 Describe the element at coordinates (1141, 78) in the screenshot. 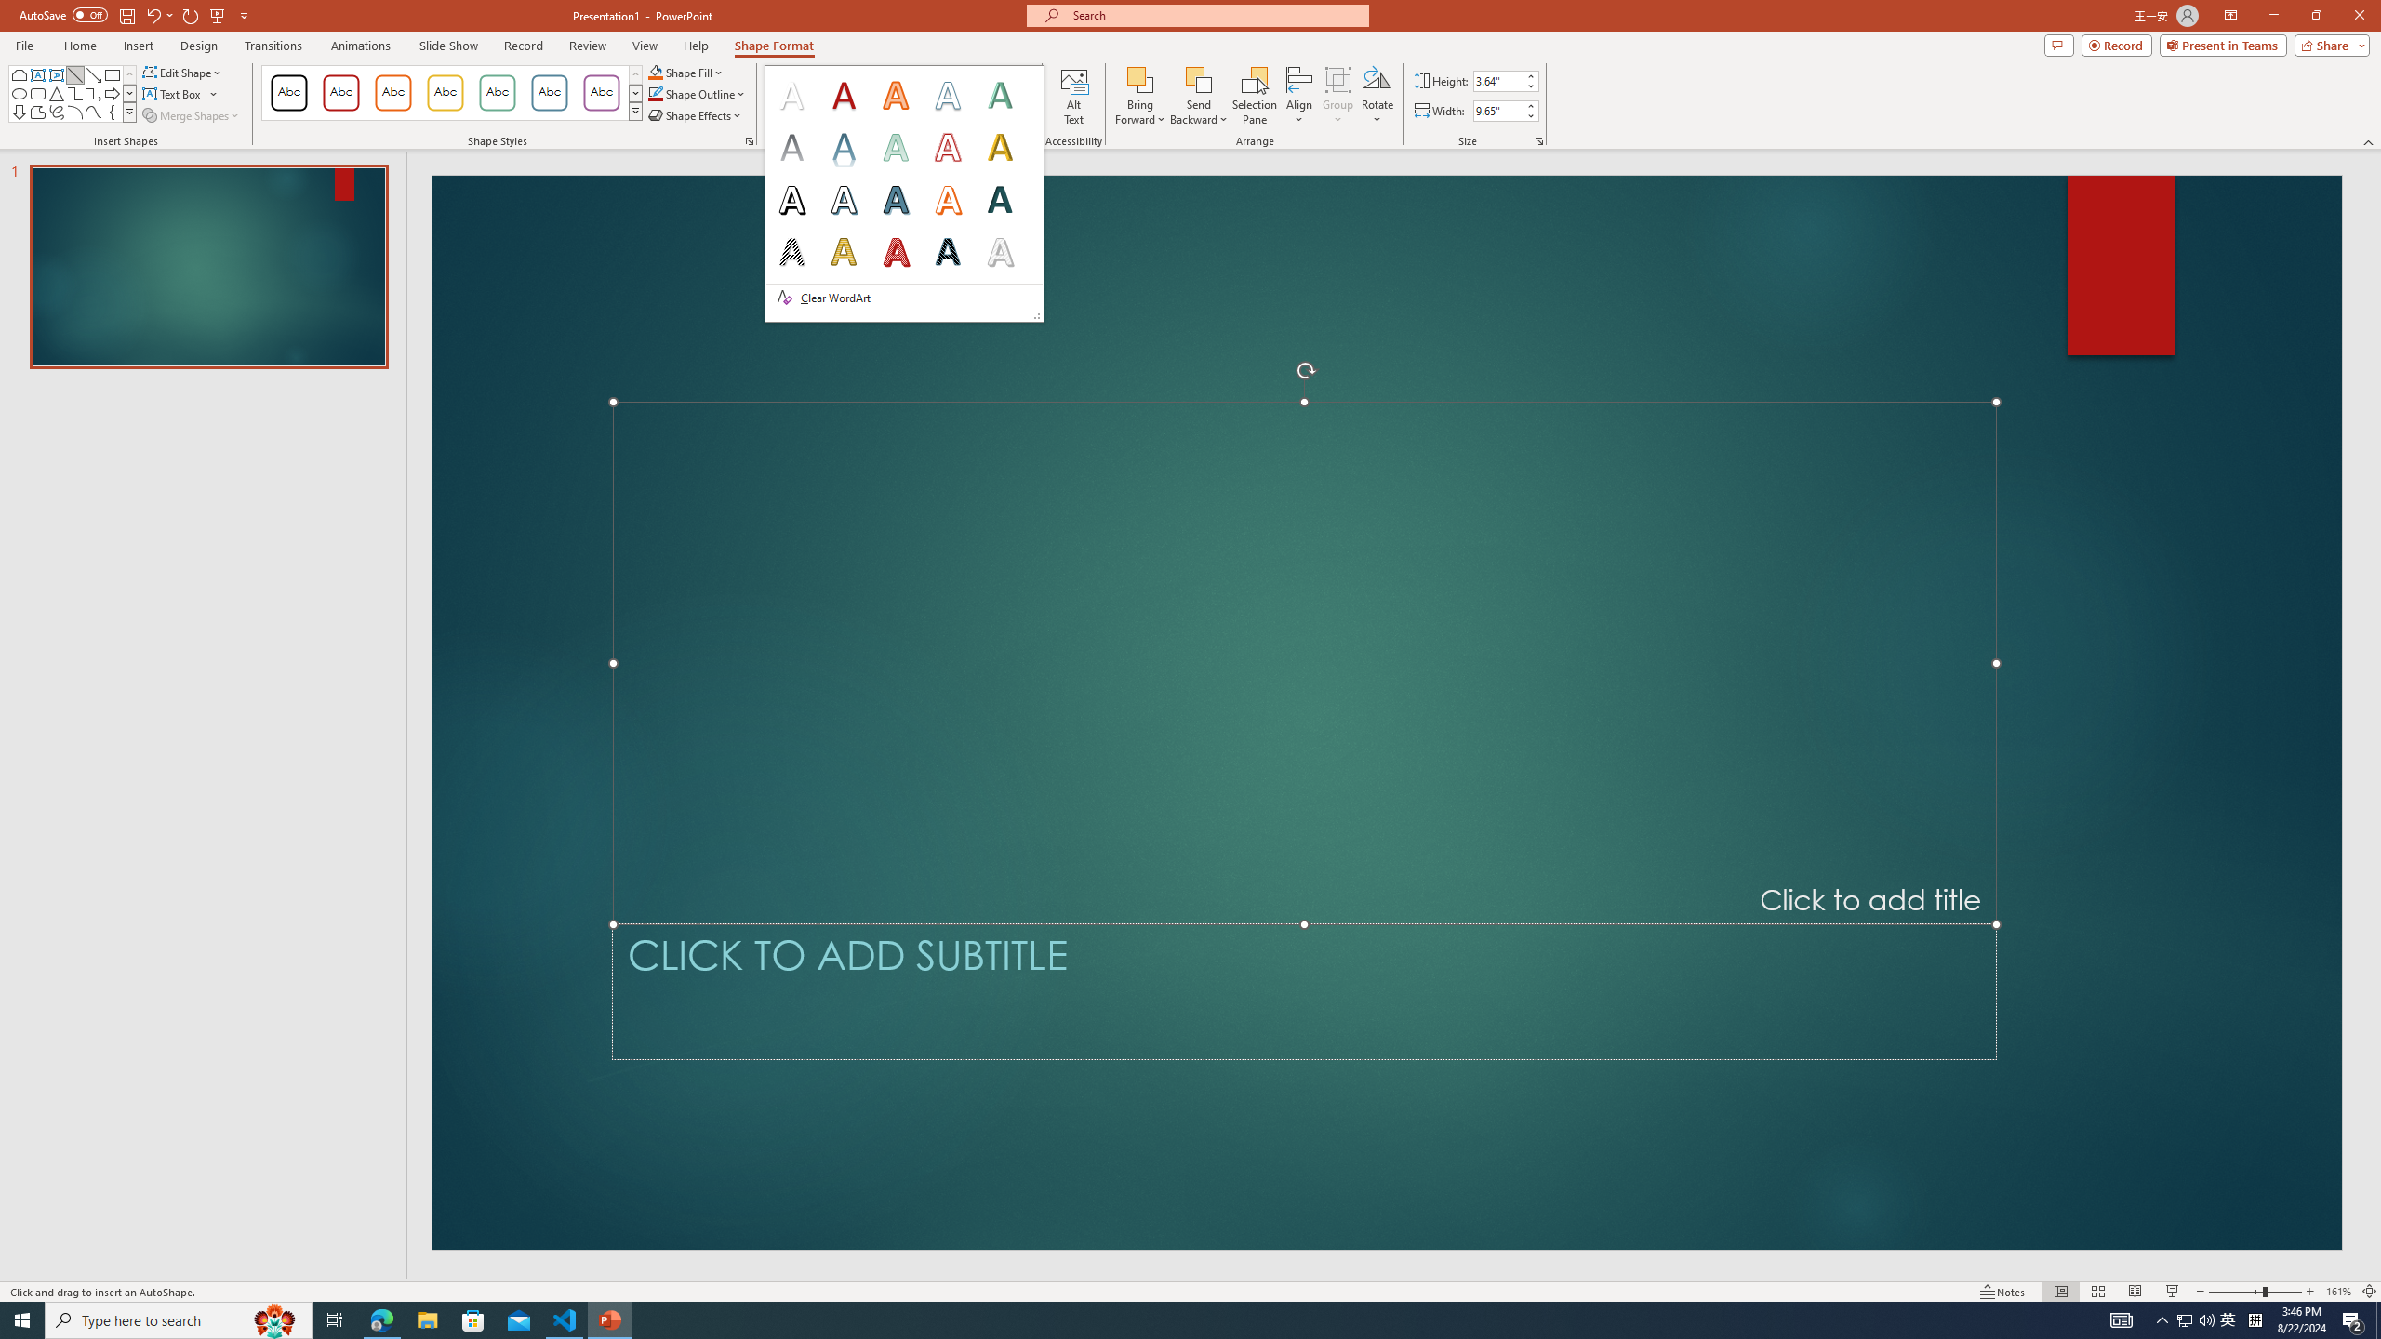

I see `'Bring Forward'` at that location.